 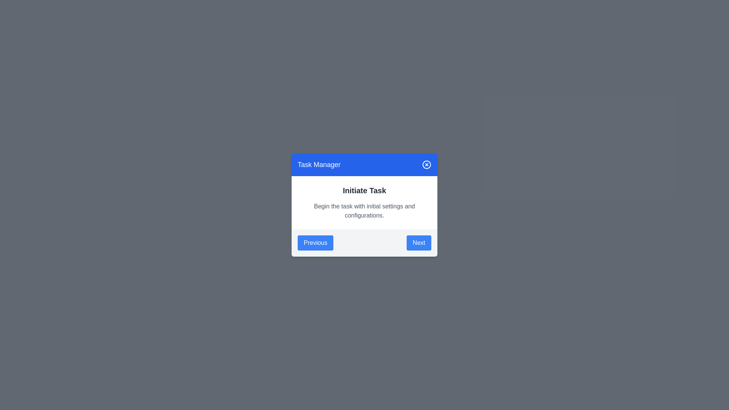 What do you see at coordinates (316, 243) in the screenshot?
I see `the Previous button to navigate between tasks` at bounding box center [316, 243].